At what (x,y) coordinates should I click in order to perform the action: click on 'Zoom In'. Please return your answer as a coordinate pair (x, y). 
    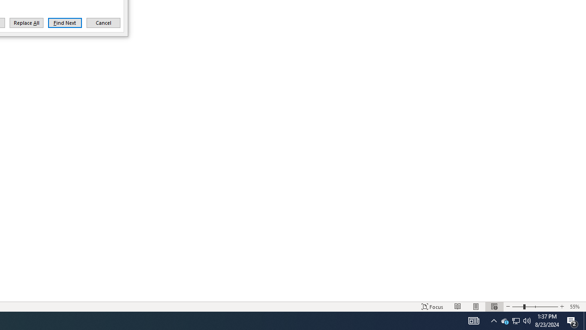
    Looking at the image, I should click on (561, 307).